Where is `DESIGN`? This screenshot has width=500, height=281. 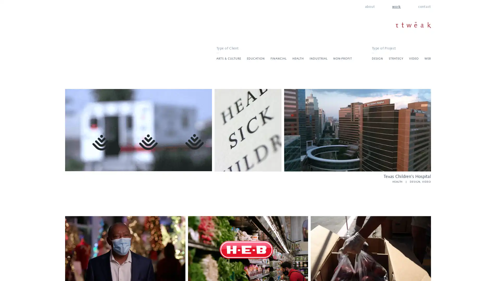 DESIGN is located at coordinates (377, 59).